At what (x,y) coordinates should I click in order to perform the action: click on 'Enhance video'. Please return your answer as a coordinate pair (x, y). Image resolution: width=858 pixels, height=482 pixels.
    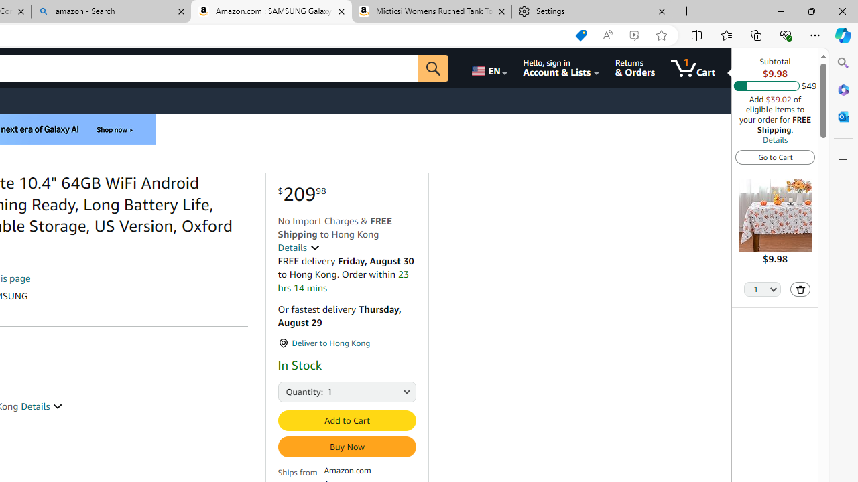
    Looking at the image, I should click on (633, 35).